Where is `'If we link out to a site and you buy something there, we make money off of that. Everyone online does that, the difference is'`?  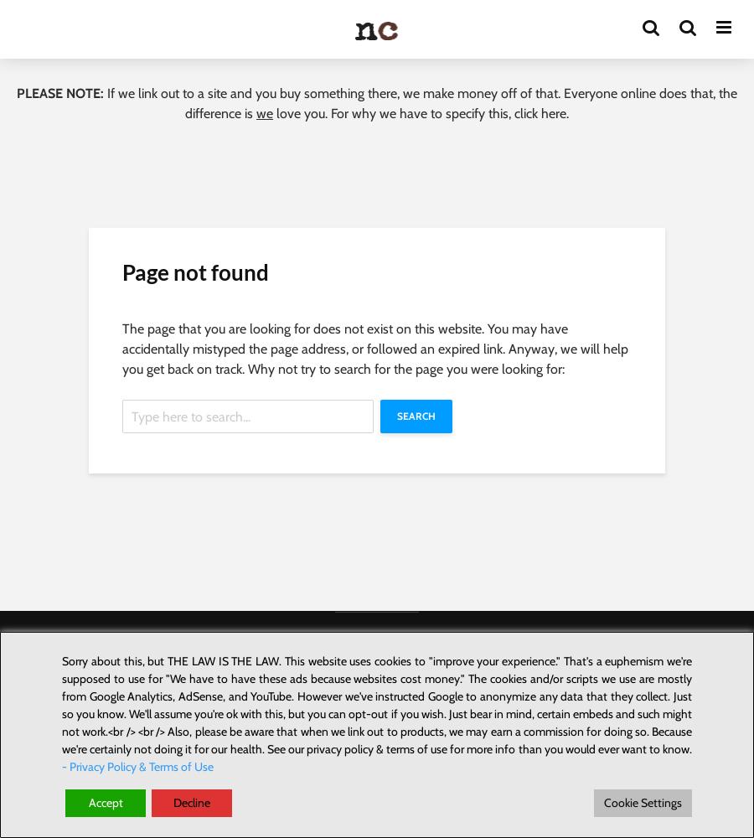
'If we link out to a site and you buy something there, we make money off of that. Everyone online does that, the difference is' is located at coordinates (420, 102).